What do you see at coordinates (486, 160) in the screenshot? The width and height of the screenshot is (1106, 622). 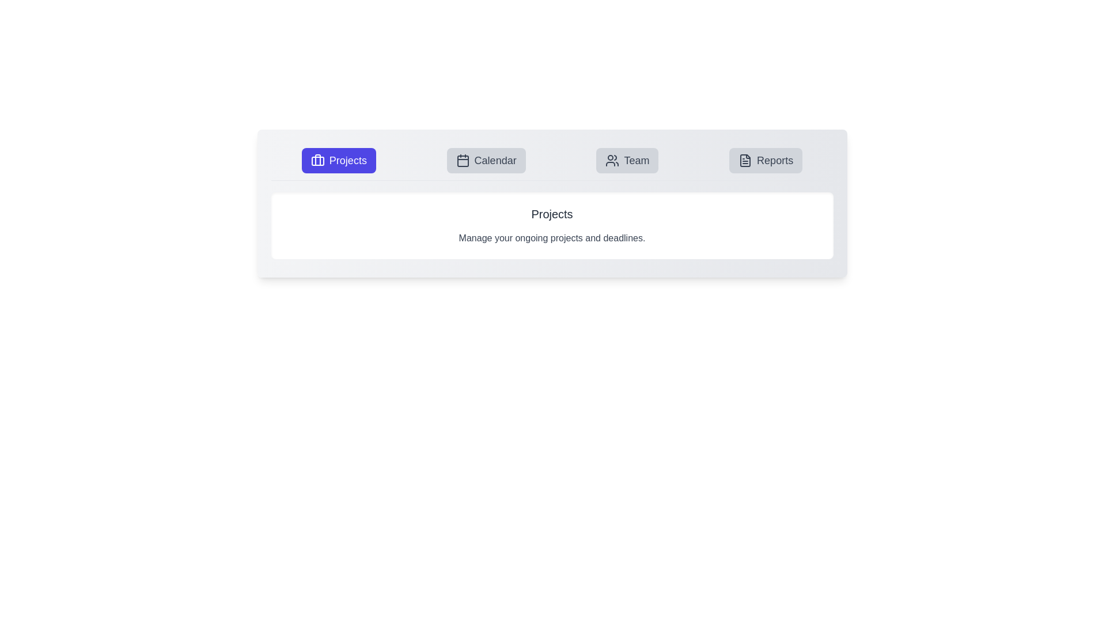 I see `the tab button labeled Calendar to observe its hover effect` at bounding box center [486, 160].